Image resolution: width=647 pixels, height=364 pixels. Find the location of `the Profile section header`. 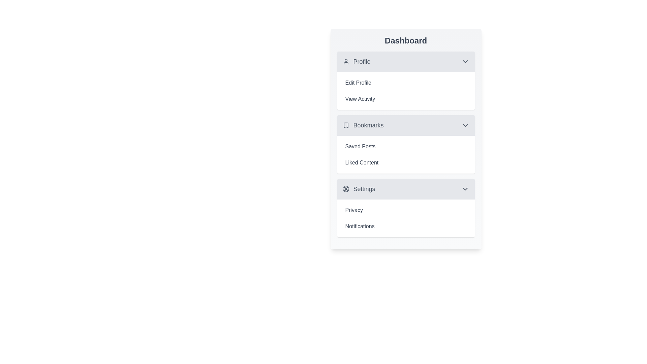

the Profile section header is located at coordinates (405, 61).